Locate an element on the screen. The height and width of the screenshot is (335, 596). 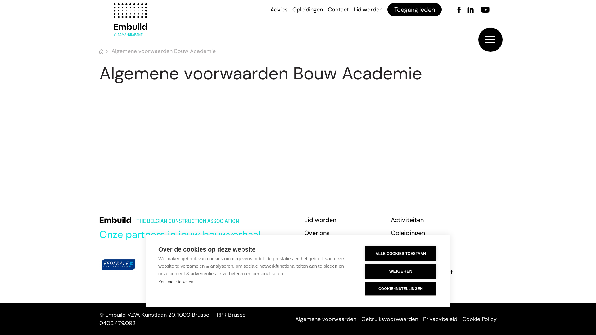
'Over ons' is located at coordinates (317, 233).